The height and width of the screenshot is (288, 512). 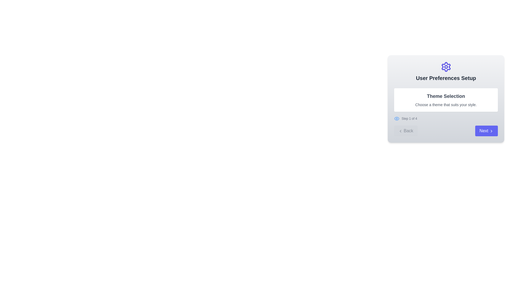 I want to click on the header text 'User Preferences Setup', which is prominently displayed in bold and dark gray color at the top center of the modal interface, so click(x=446, y=78).